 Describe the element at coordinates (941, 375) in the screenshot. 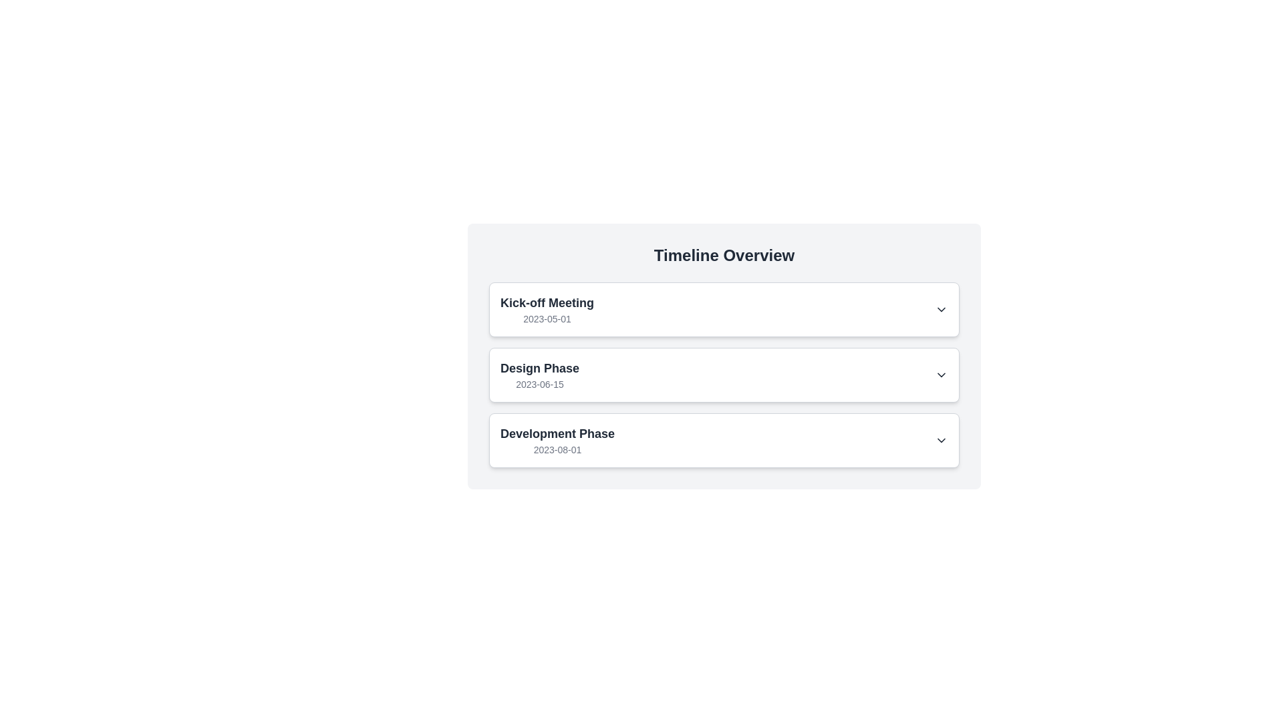

I see `the downward-pointing chevron icon located to the right of the 'Design Phase' text` at that location.